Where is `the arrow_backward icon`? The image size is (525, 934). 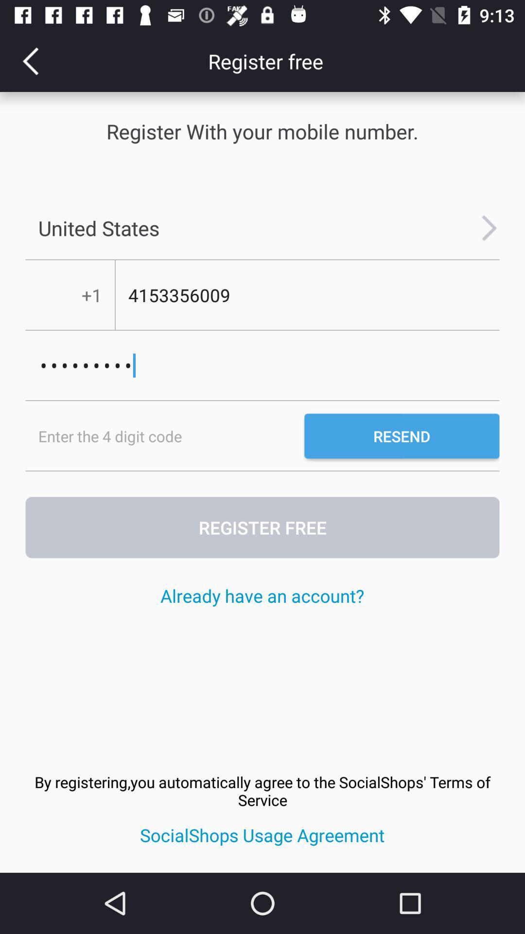 the arrow_backward icon is located at coordinates (30, 60).